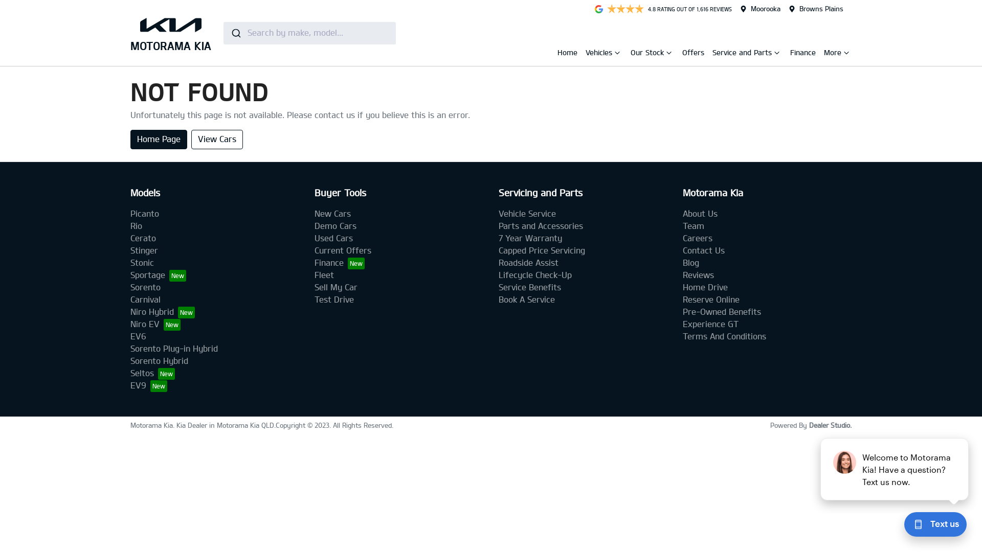 The image size is (982, 552). I want to click on 'Book A Service', so click(527, 299).